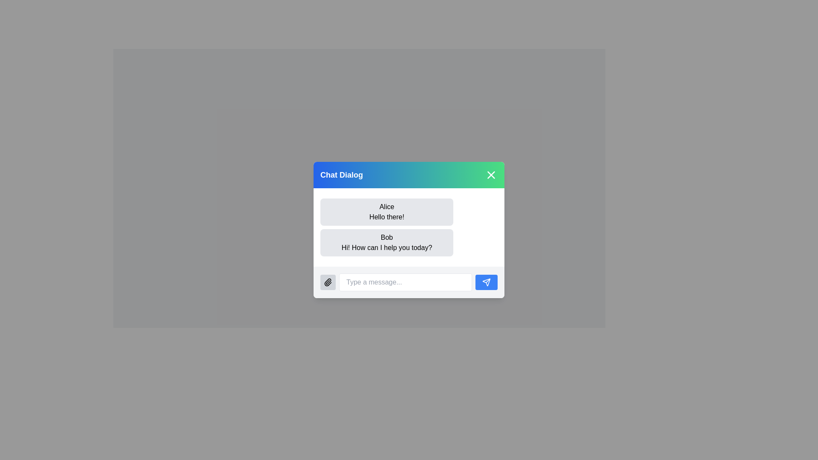 This screenshot has height=460, width=818. I want to click on the chat message bubble displaying a message from user 'Alice', which is the first message bubble in the chat area of the 'Chat Dialog', so click(386, 211).